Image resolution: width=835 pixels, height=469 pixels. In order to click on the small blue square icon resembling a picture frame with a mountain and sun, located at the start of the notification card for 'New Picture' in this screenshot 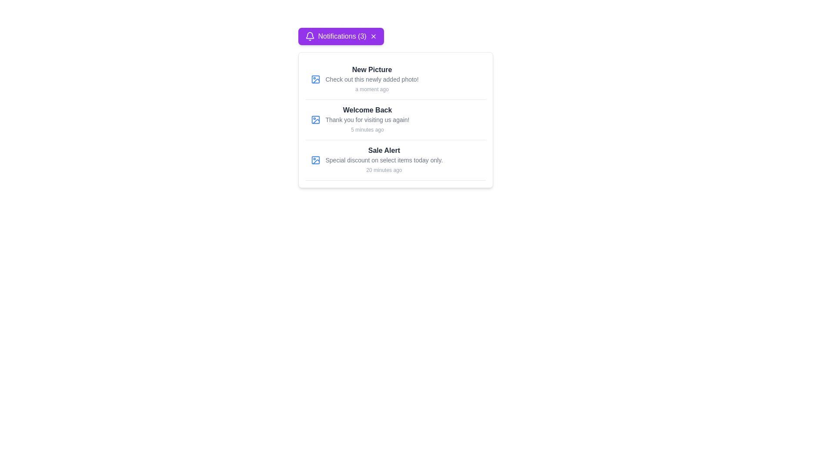, I will do `click(315, 79)`.